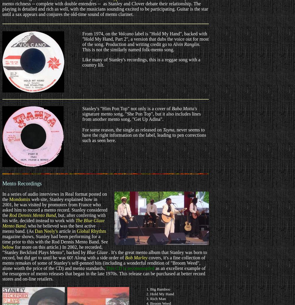 Image resolution: width=295 pixels, height=305 pixels. I want to click on 'In 
		a series of audio interviews in Real format posted on the', so click(55, 196).